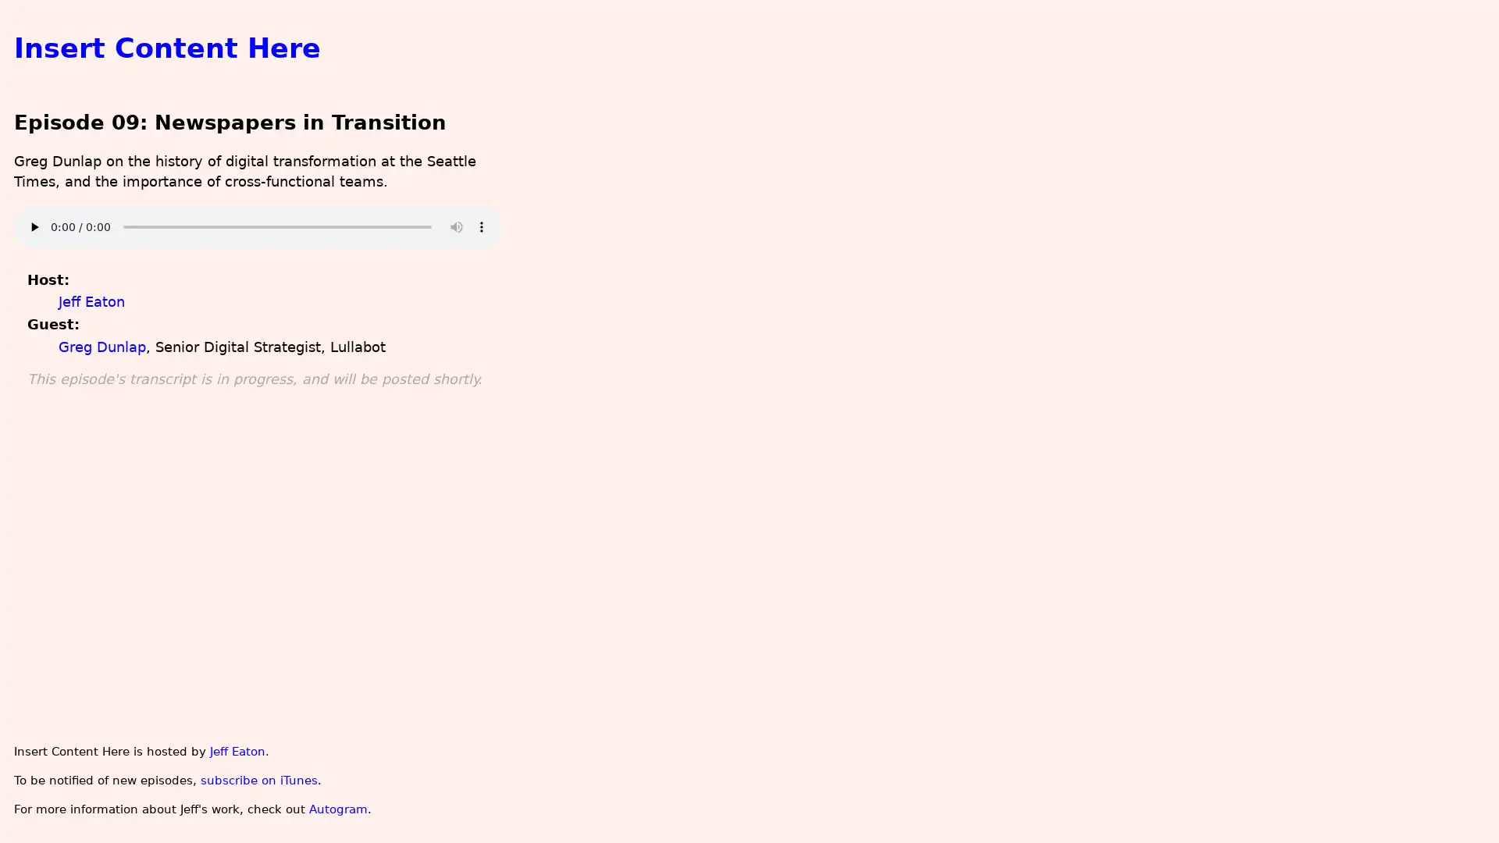 The width and height of the screenshot is (1499, 843). I want to click on play, so click(34, 226).